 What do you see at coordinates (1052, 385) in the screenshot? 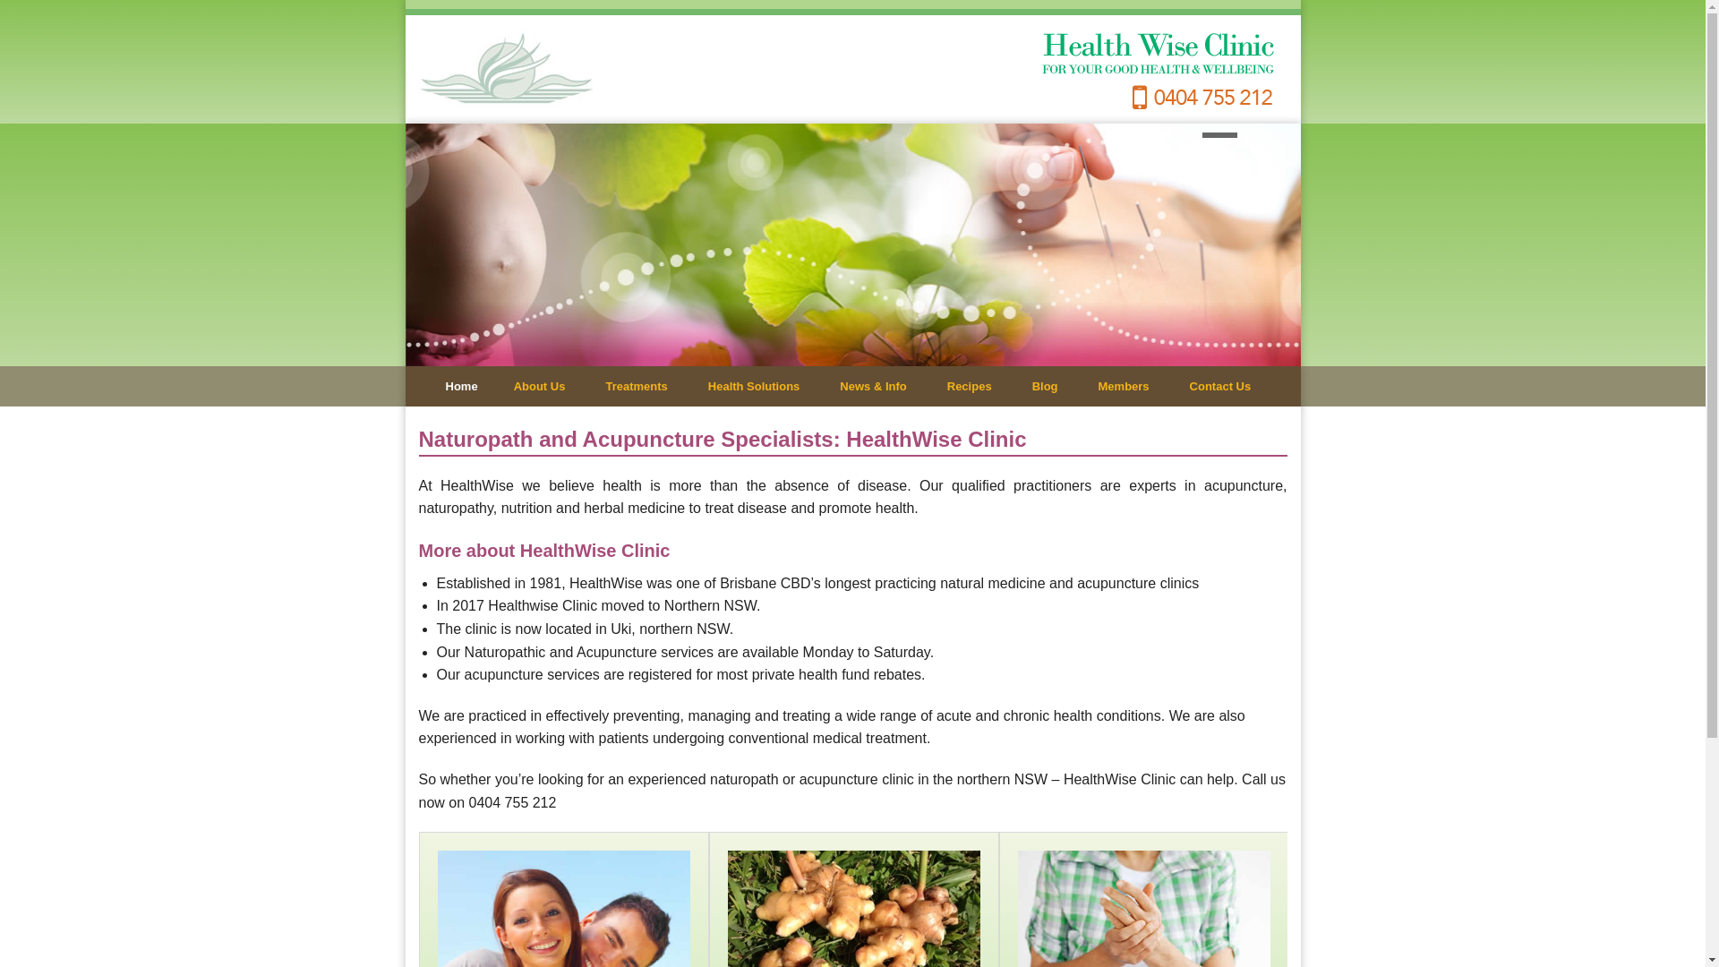
I see `'Blog'` at bounding box center [1052, 385].